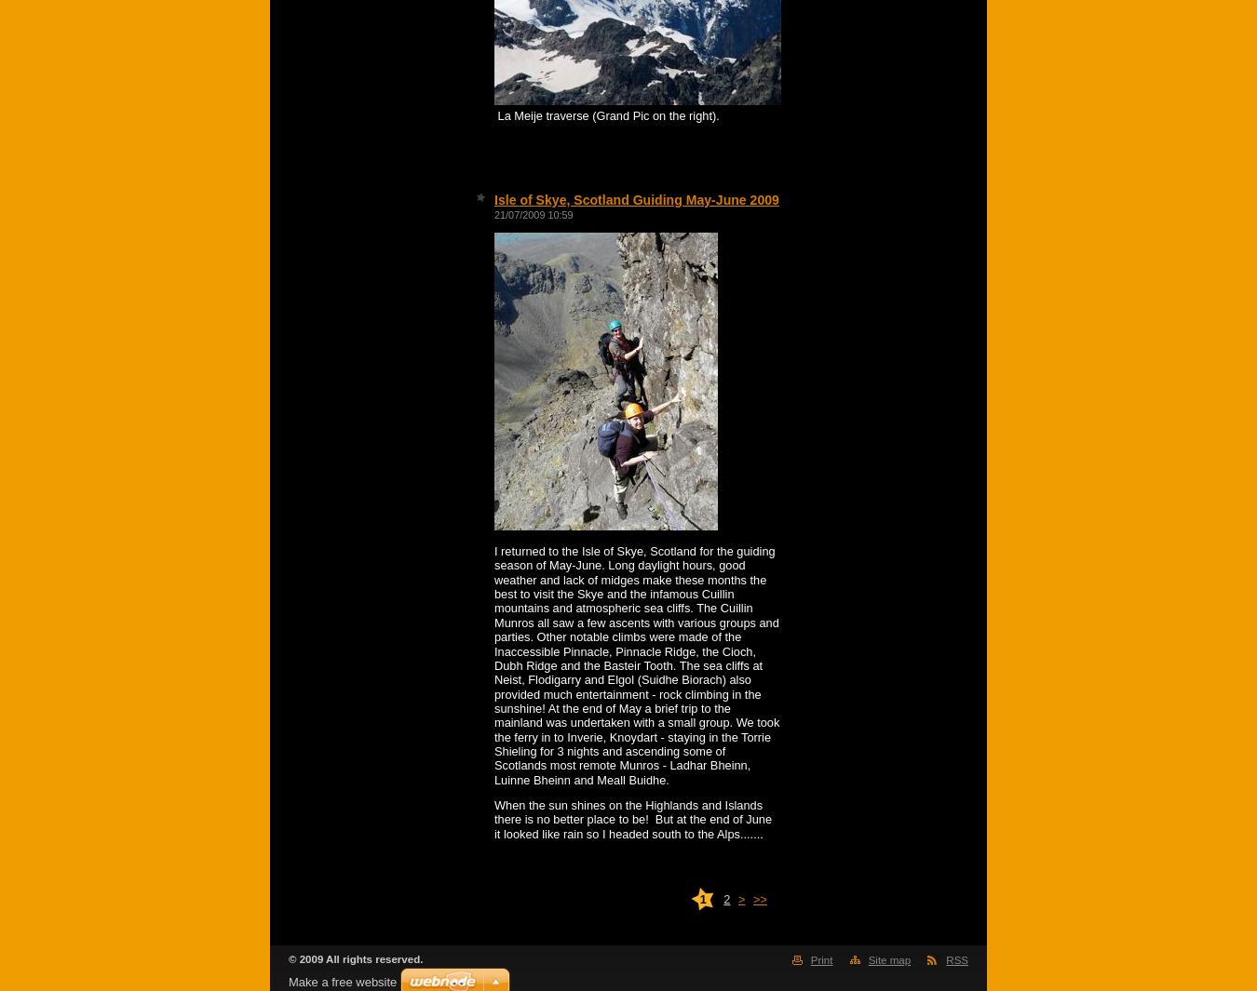 The height and width of the screenshot is (991, 1257). I want to click on 'La Meije traverse (Grand Pic on the right).', so click(606, 114).